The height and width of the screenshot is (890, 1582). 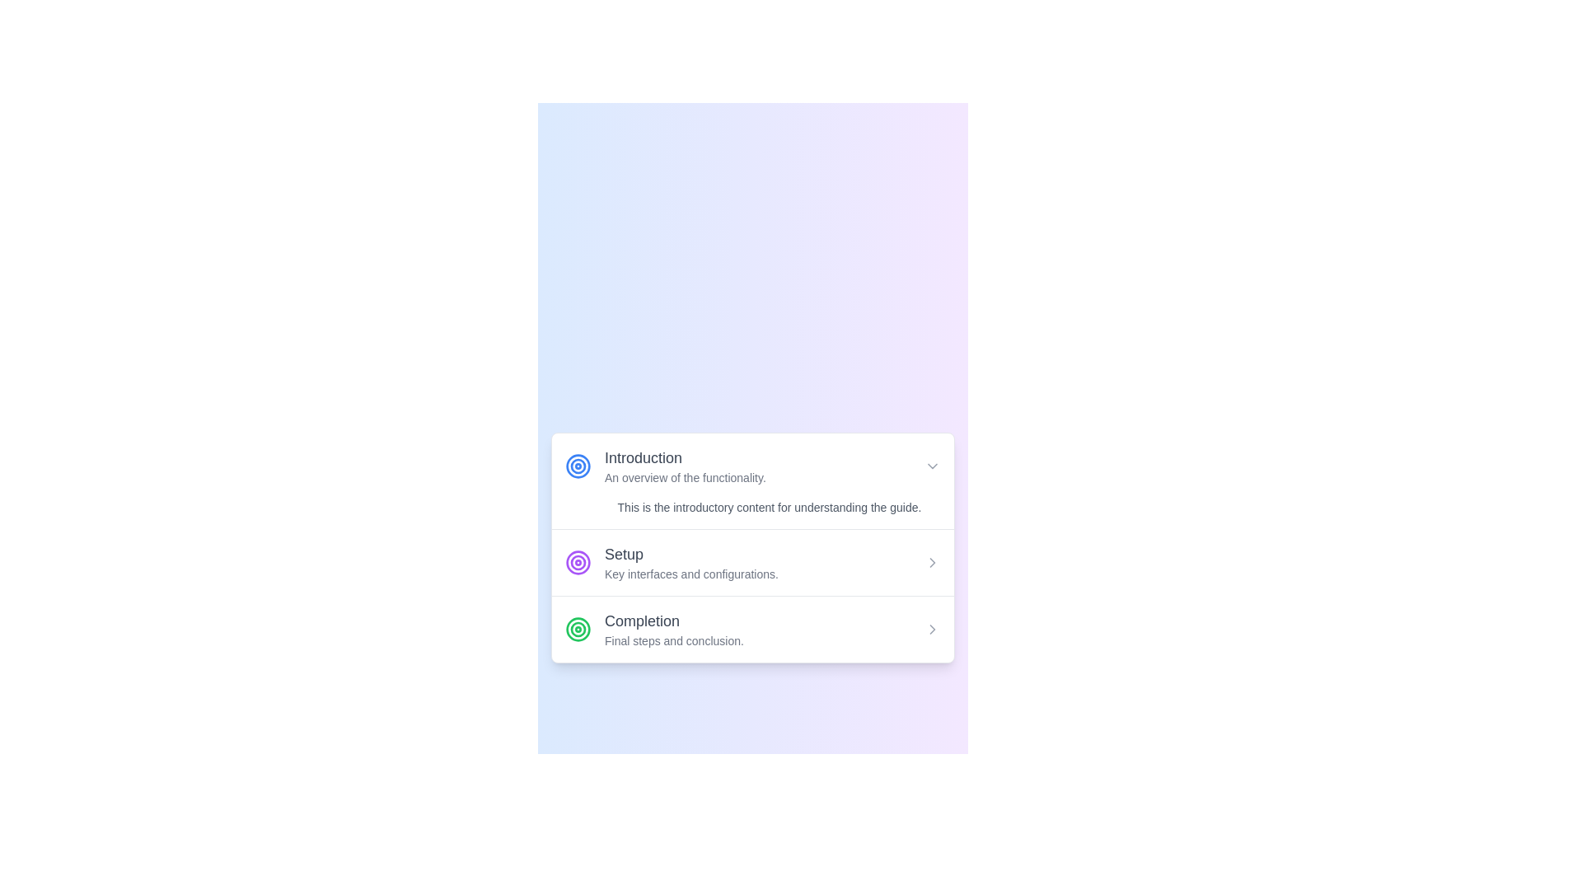 I want to click on descriptive text label located directly under the 'Setup' heading, which provides additional details about the section, so click(x=691, y=574).